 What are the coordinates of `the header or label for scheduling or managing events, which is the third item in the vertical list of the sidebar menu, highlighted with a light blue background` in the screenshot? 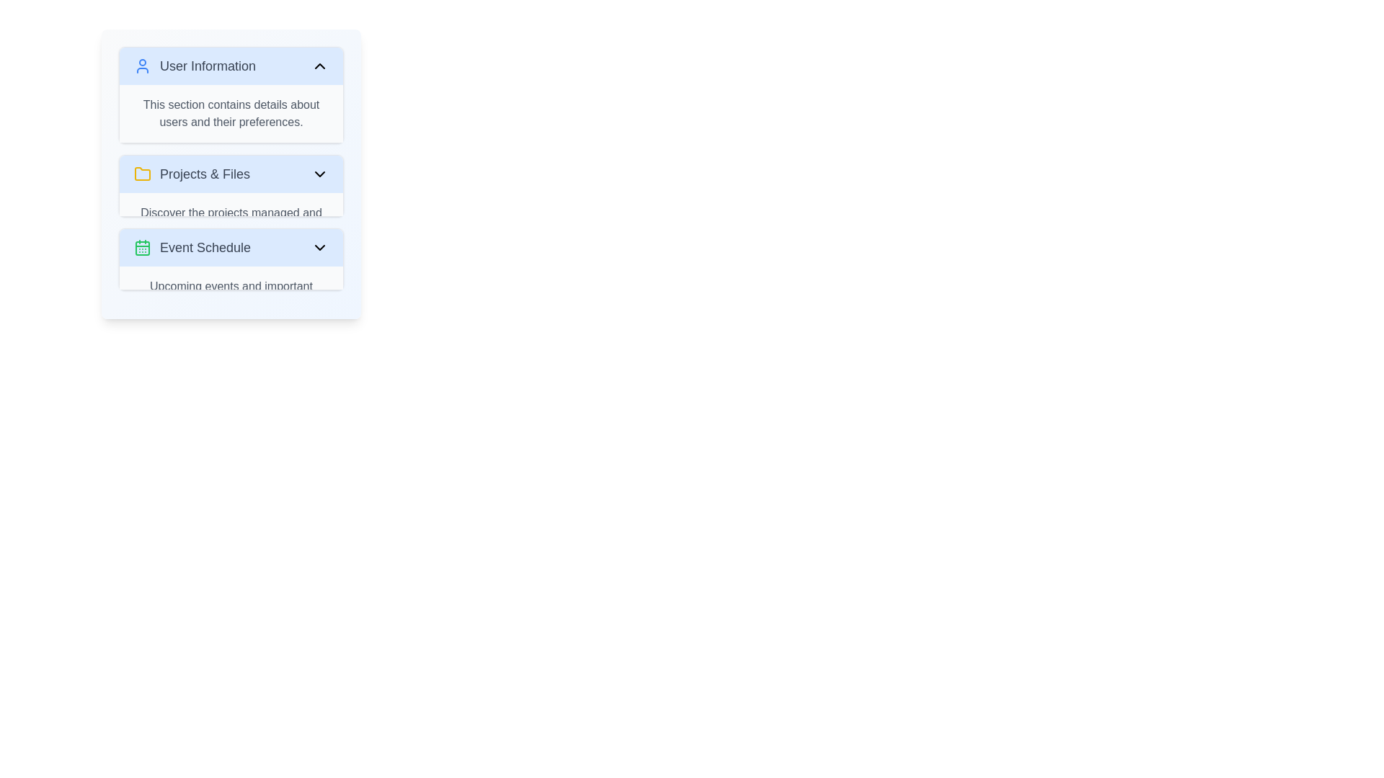 It's located at (192, 246).